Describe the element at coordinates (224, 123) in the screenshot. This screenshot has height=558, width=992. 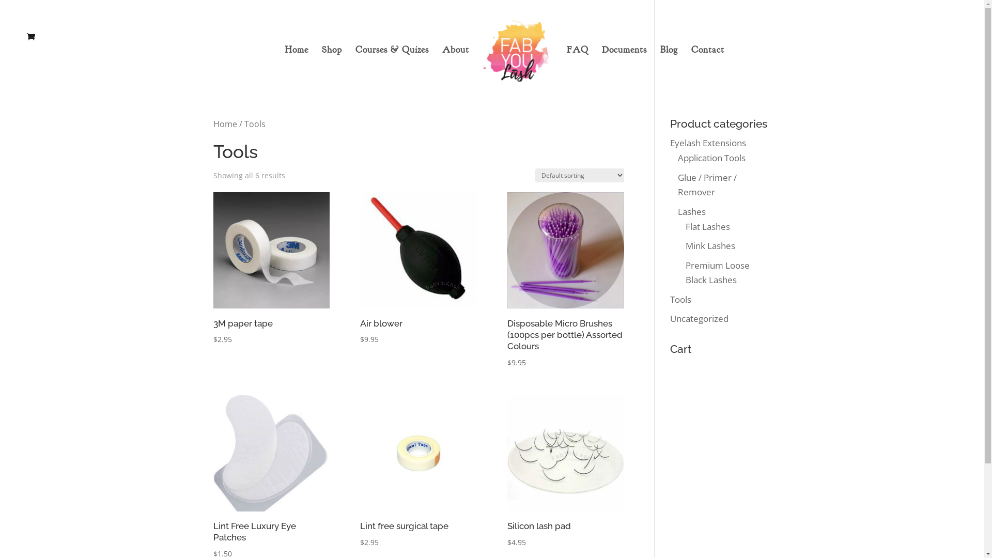
I see `'Home'` at that location.